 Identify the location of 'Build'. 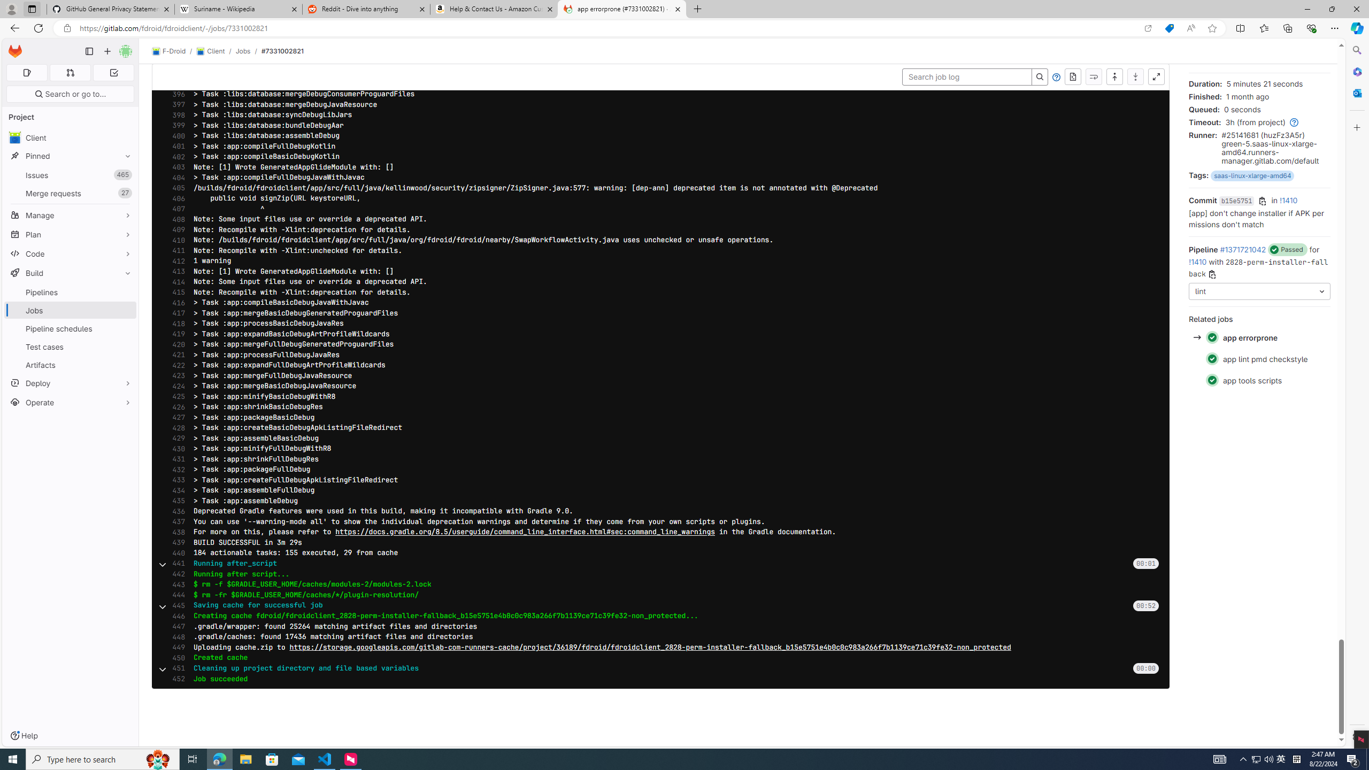
(70, 272).